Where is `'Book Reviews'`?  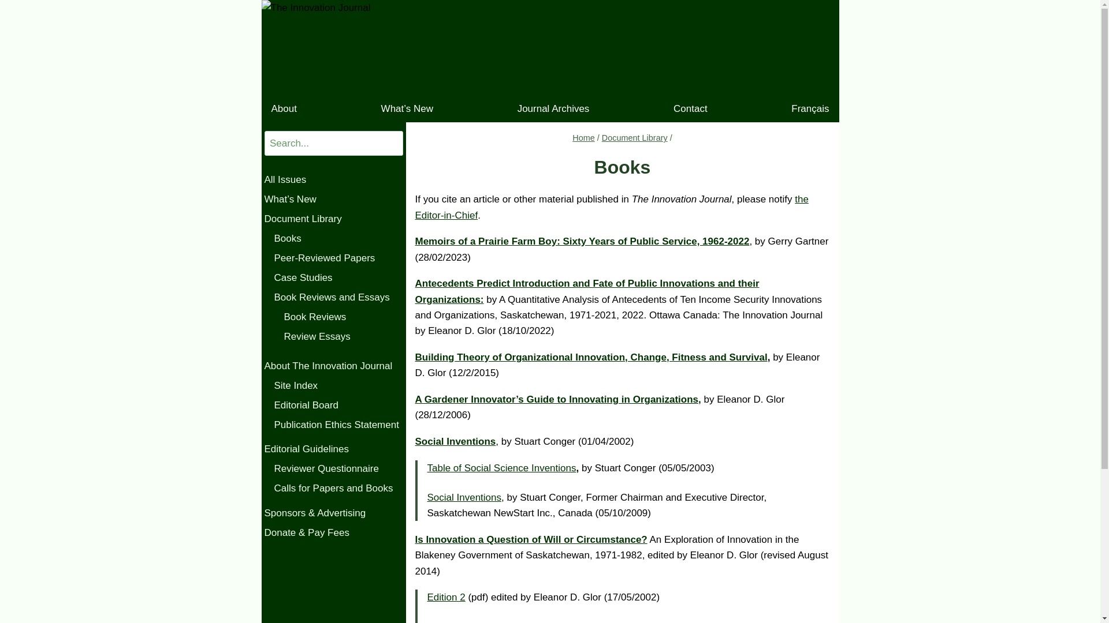 'Book Reviews' is located at coordinates (343, 317).